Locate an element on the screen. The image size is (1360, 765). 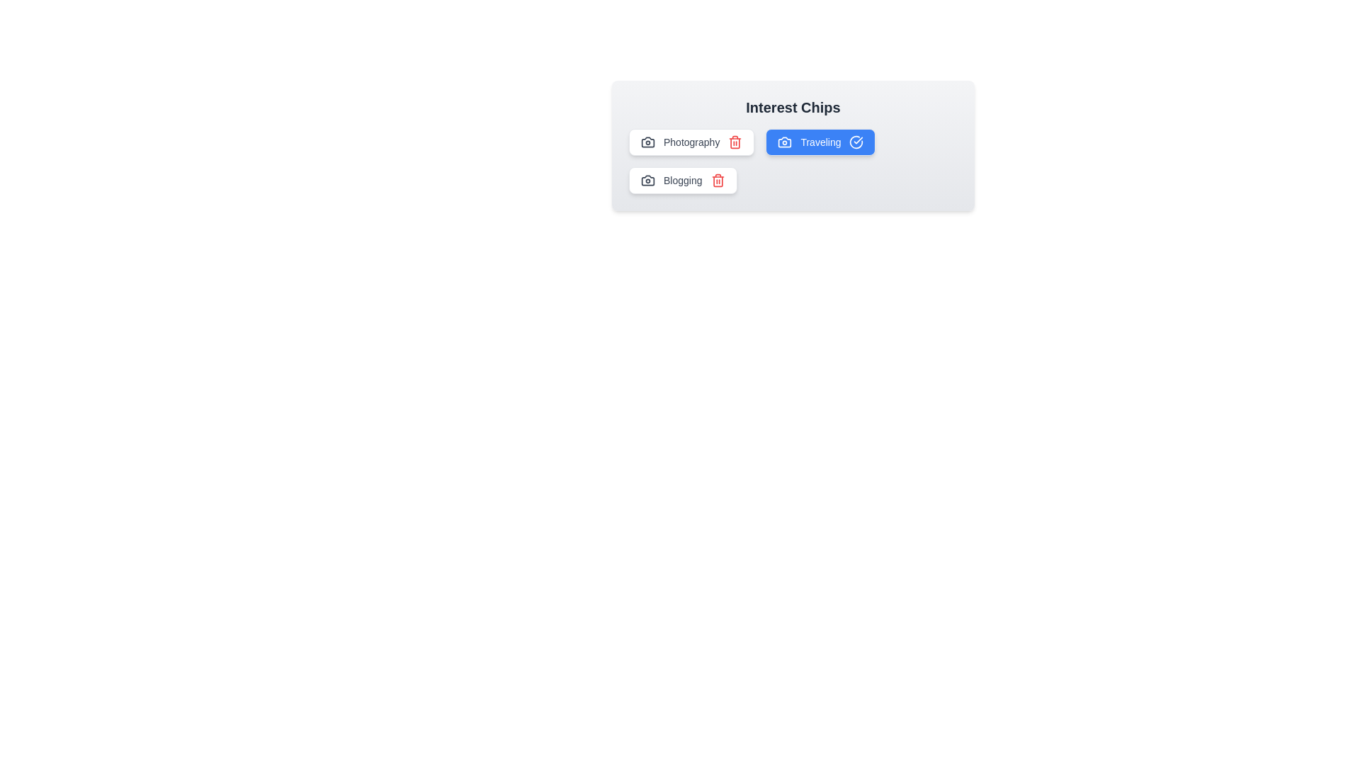
the chip labeled Blogging is located at coordinates (683, 179).